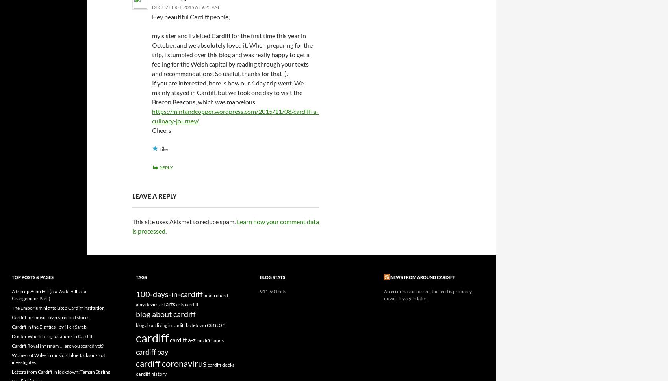 The width and height of the screenshot is (668, 381). I want to click on 'butetown', so click(195, 325).